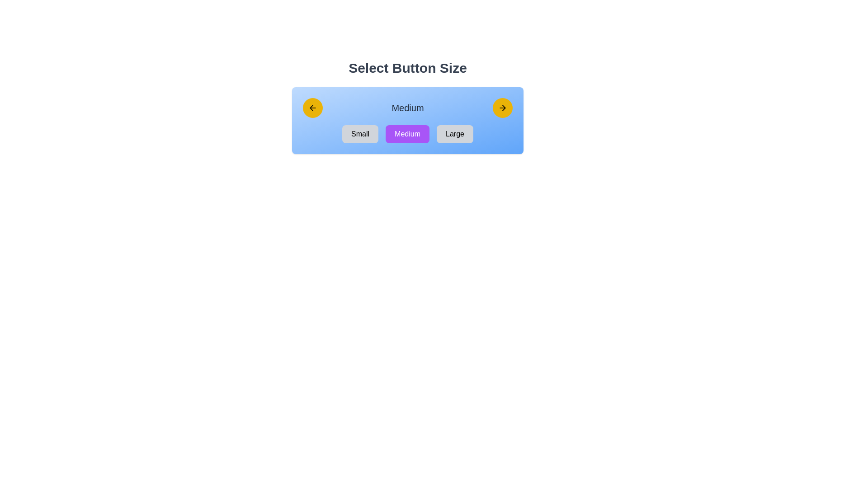  I want to click on the navigational button located on the left side of the horizontal section labeled 'Medium', so click(312, 108).